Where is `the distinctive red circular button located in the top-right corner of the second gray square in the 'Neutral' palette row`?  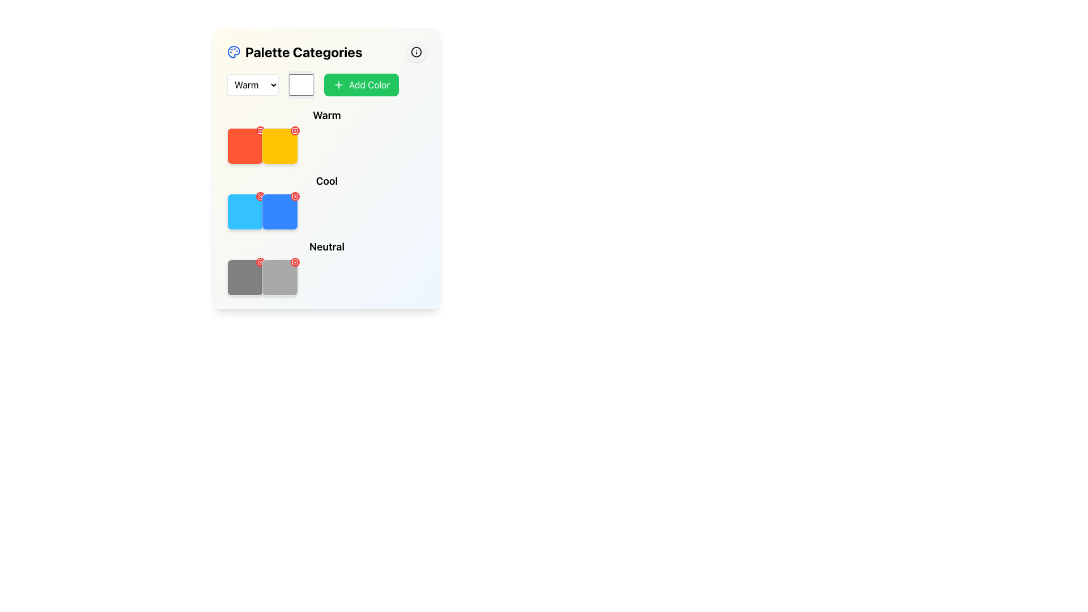 the distinctive red circular button located in the top-right corner of the second gray square in the 'Neutral' palette row is located at coordinates (260, 262).